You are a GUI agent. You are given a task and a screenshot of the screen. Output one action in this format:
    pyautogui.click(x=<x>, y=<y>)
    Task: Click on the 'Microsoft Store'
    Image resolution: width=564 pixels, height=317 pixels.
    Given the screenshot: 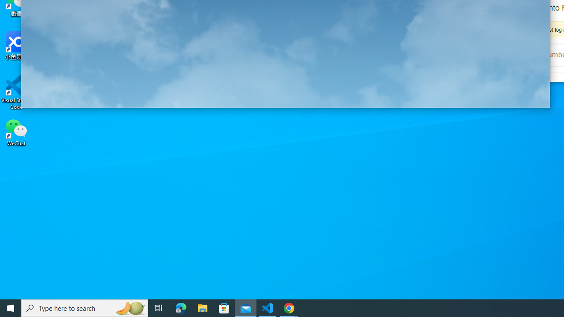 What is the action you would take?
    pyautogui.click(x=224, y=307)
    